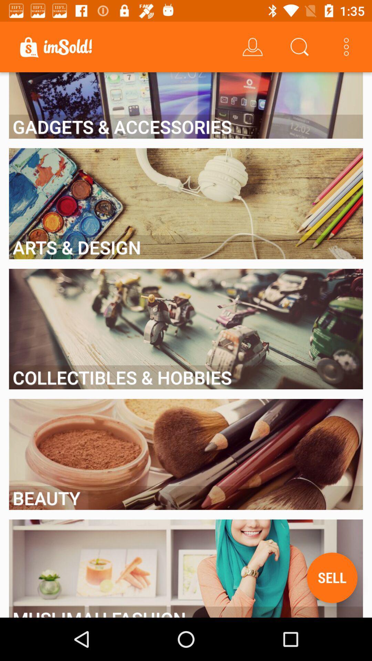 The image size is (372, 661). I want to click on the beauty item, so click(186, 498).